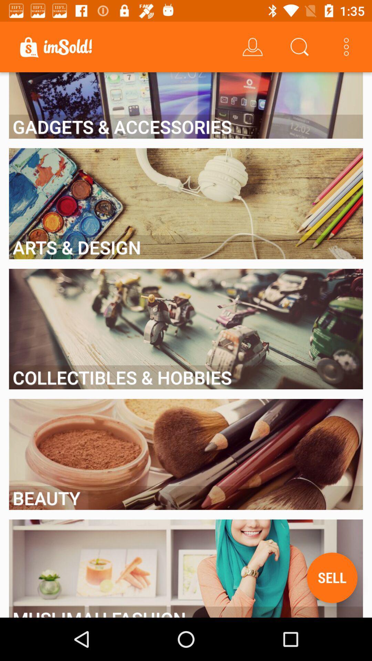 The image size is (372, 661). I want to click on the beauty item, so click(186, 498).